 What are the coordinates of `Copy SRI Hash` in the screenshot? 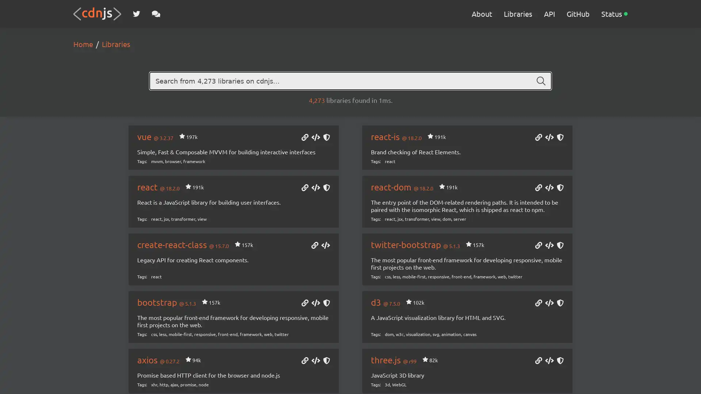 It's located at (326, 304).